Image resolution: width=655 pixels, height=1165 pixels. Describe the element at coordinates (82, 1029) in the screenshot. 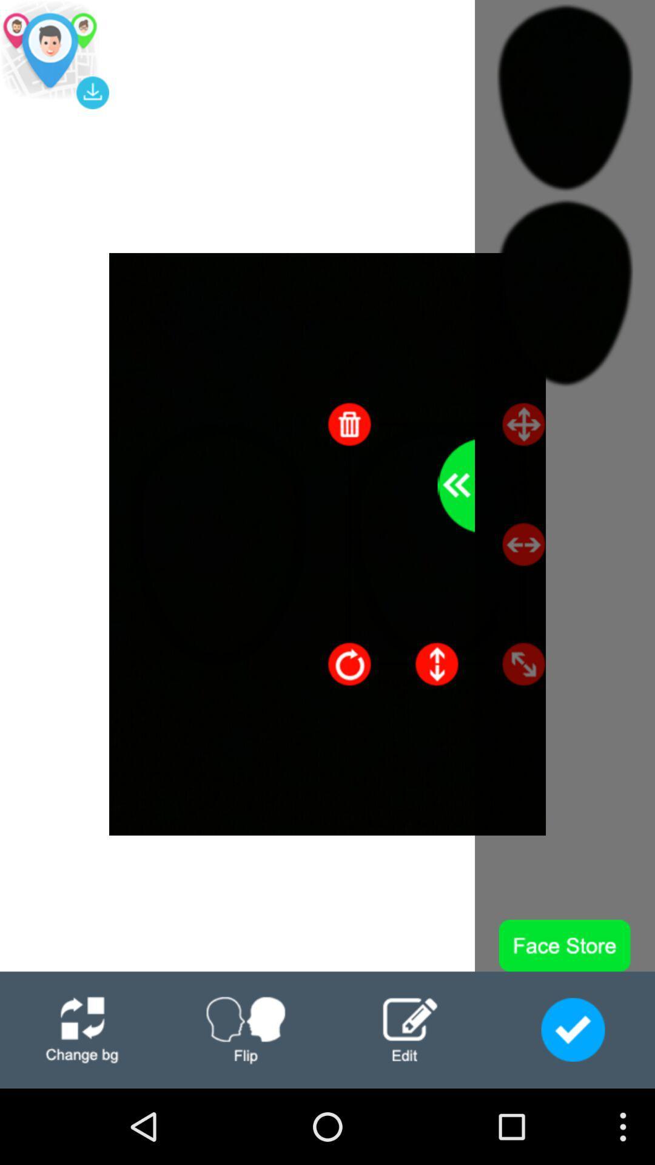

I see `change log` at that location.